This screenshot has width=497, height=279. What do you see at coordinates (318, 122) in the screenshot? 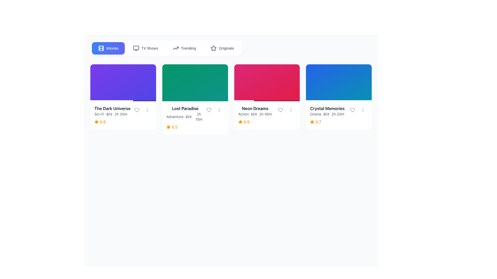
I see `the static text displaying the numeric value '4.7', which is part of a rating system and positioned next to a star icon in the lower-left corner of the 'Crystal Memories' card` at bounding box center [318, 122].